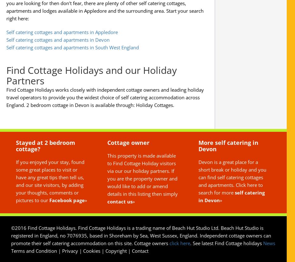  Describe the element at coordinates (67, 200) in the screenshot. I see `'Facebook page'` at that location.